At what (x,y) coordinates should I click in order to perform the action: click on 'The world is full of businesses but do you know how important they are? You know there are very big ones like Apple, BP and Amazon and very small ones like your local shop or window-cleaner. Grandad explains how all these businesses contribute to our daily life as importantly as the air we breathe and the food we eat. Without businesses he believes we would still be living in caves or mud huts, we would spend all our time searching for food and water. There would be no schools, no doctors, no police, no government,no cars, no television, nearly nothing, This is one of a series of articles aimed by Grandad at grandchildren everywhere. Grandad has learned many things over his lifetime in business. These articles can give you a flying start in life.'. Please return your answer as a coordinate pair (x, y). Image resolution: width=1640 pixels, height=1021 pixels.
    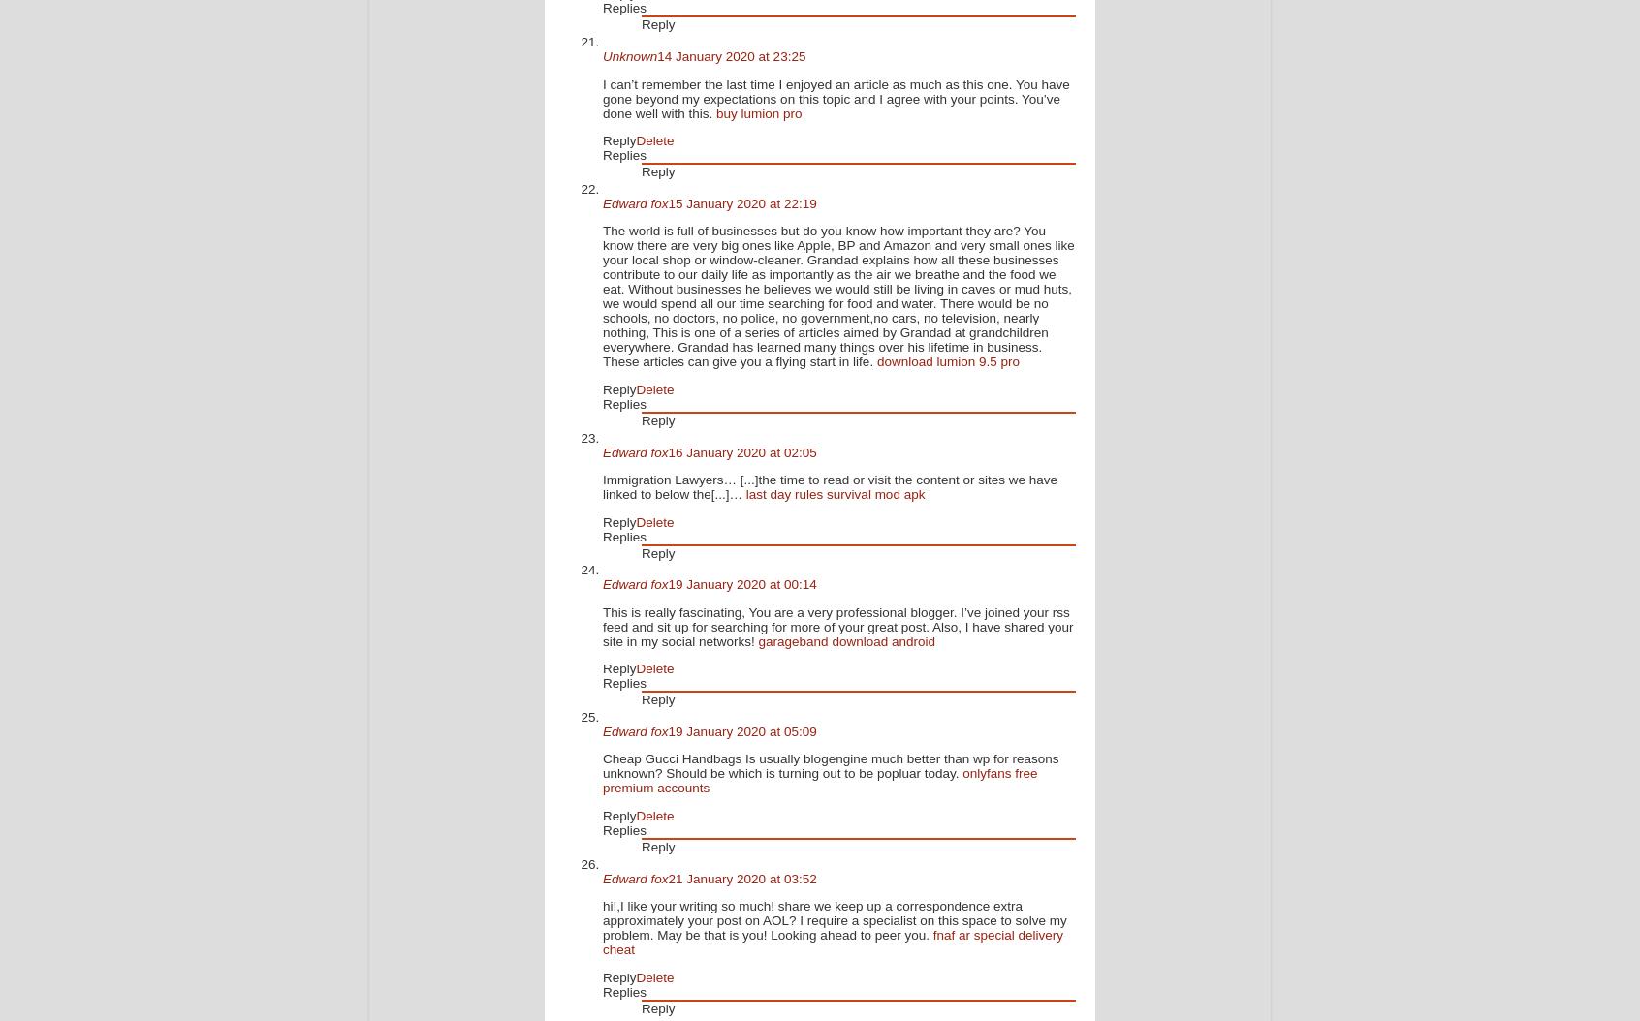
    Looking at the image, I should click on (836, 294).